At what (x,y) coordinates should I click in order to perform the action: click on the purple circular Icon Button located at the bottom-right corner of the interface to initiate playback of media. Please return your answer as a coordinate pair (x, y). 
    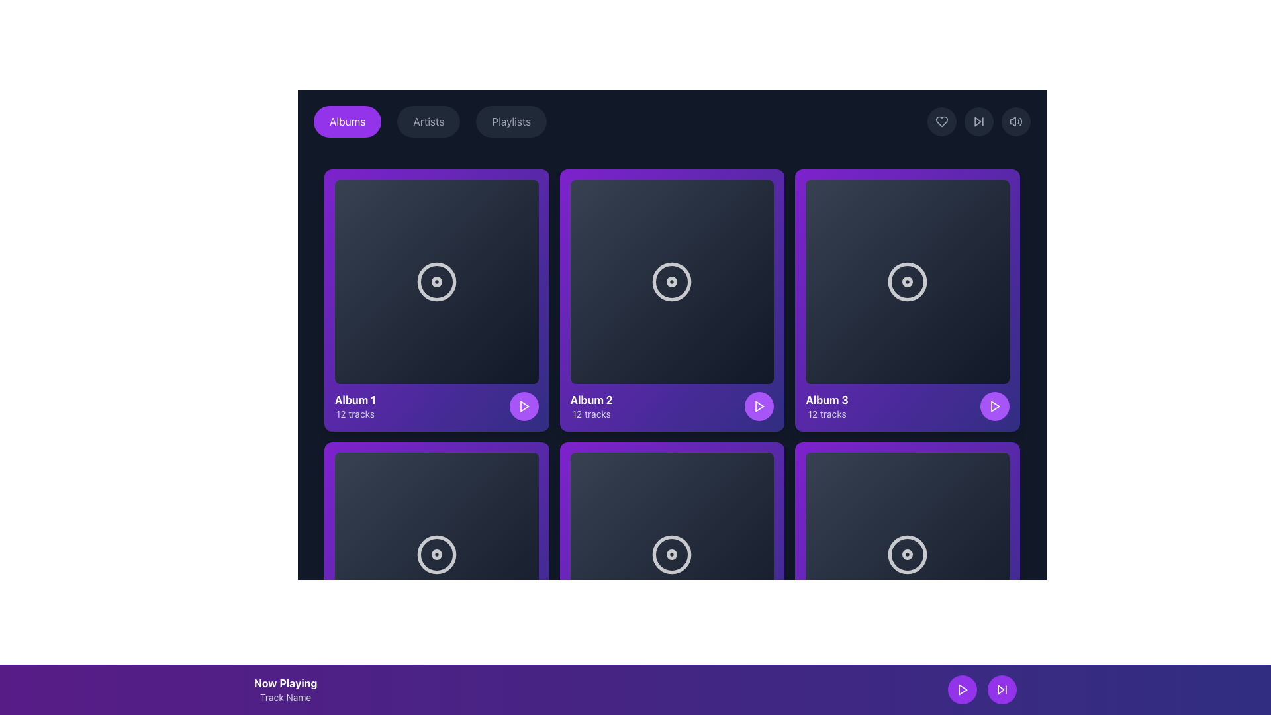
    Looking at the image, I should click on (963, 689).